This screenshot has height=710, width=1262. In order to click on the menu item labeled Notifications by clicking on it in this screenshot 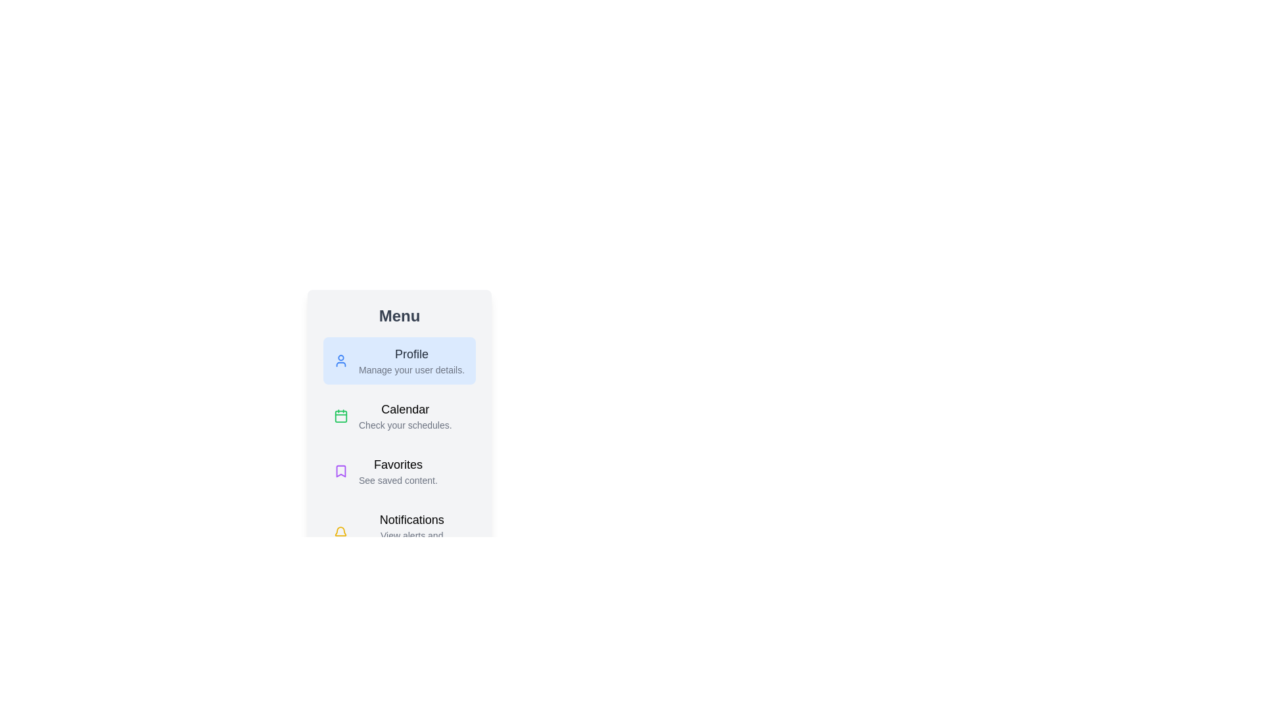, I will do `click(399, 532)`.